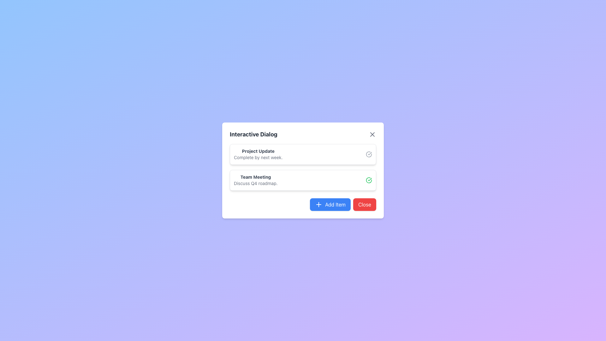  What do you see at coordinates (372, 134) in the screenshot?
I see `the red 'X' icon button located in the top right corner of the dialog box` at bounding box center [372, 134].